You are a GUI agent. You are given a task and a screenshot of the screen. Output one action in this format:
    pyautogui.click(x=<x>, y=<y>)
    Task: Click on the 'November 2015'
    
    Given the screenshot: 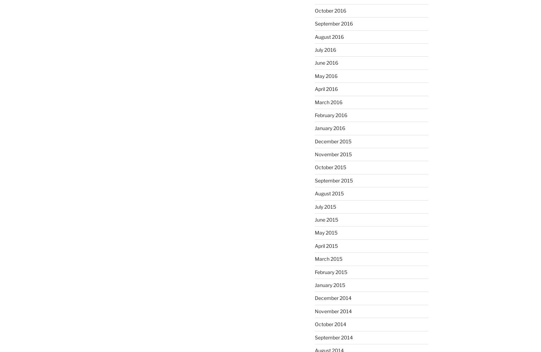 What is the action you would take?
    pyautogui.click(x=333, y=154)
    